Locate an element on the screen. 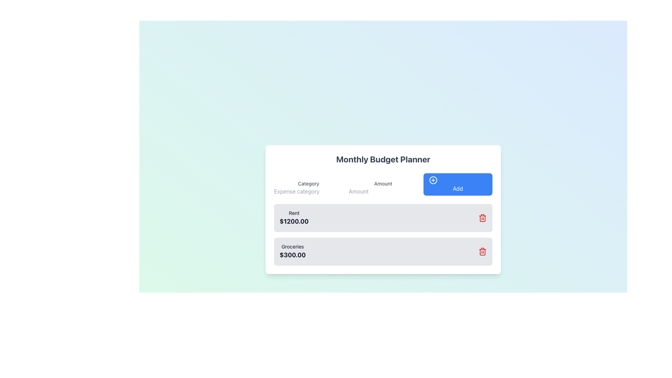 The image size is (672, 378). 'Groceries' text label that indicates the budget category above the amount '$300.00' in the budget management interface is located at coordinates (293, 246).